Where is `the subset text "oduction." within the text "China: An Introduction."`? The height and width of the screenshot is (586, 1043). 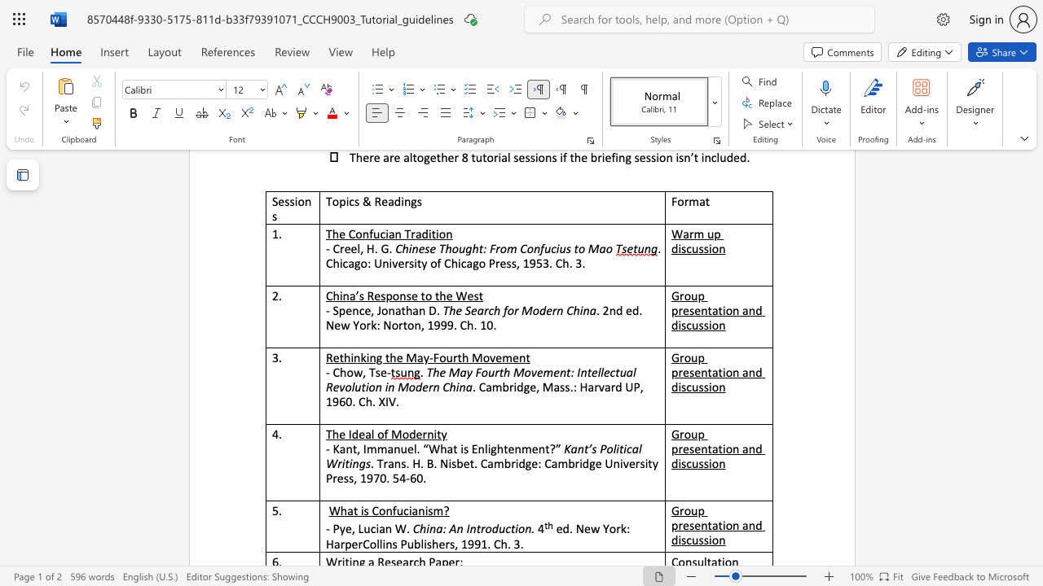 the subset text "oduction." within the text "China: An Introduction." is located at coordinates (484, 528).